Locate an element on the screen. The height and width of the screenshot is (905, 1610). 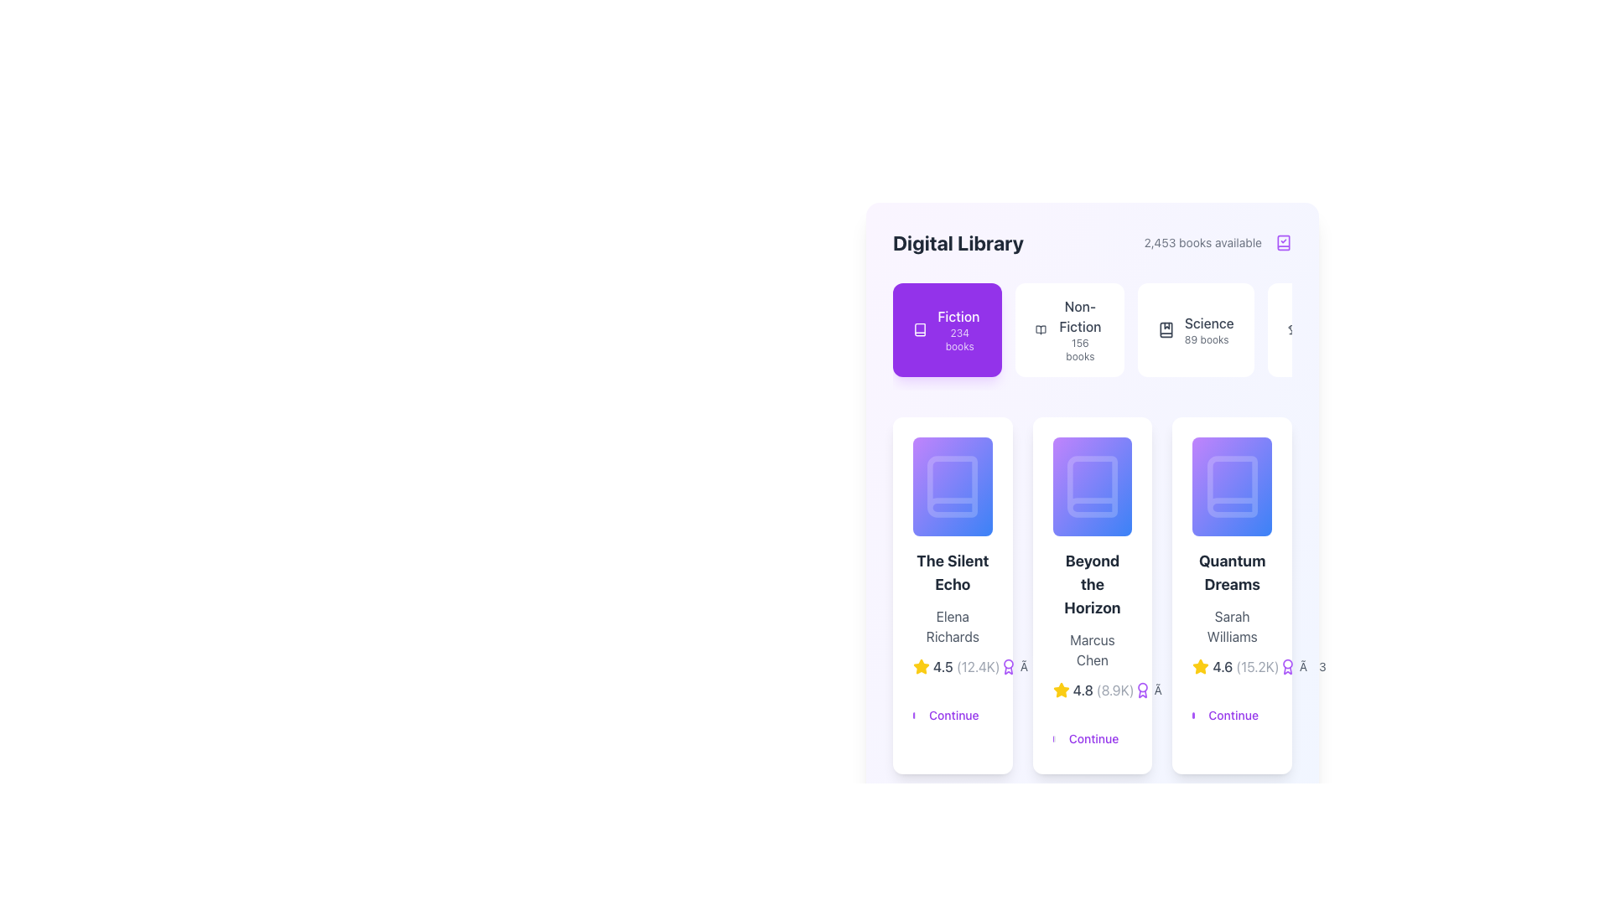
the text element displaying the name 'Sarah Williams', which is styled in gray and located beneath the title 'Quantum Dreams' is located at coordinates (1232, 627).